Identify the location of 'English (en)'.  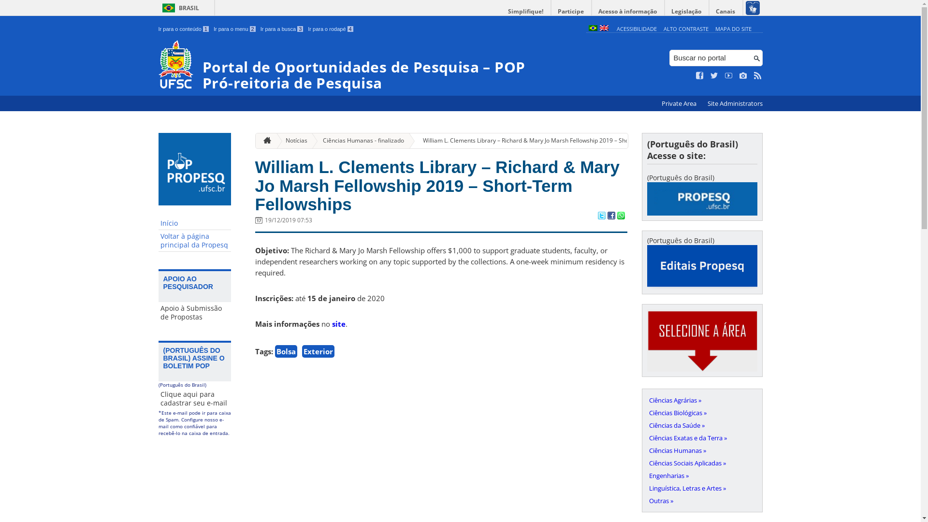
(603, 28).